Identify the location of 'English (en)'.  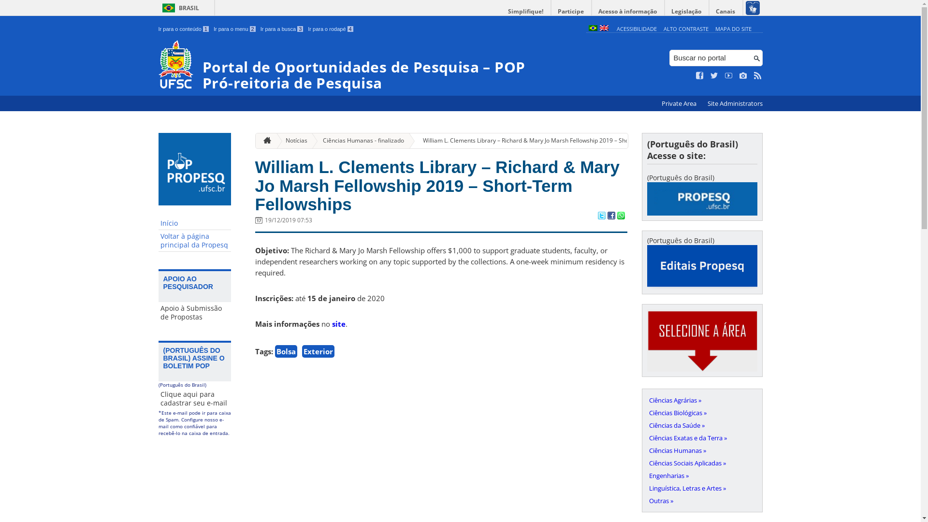
(603, 28).